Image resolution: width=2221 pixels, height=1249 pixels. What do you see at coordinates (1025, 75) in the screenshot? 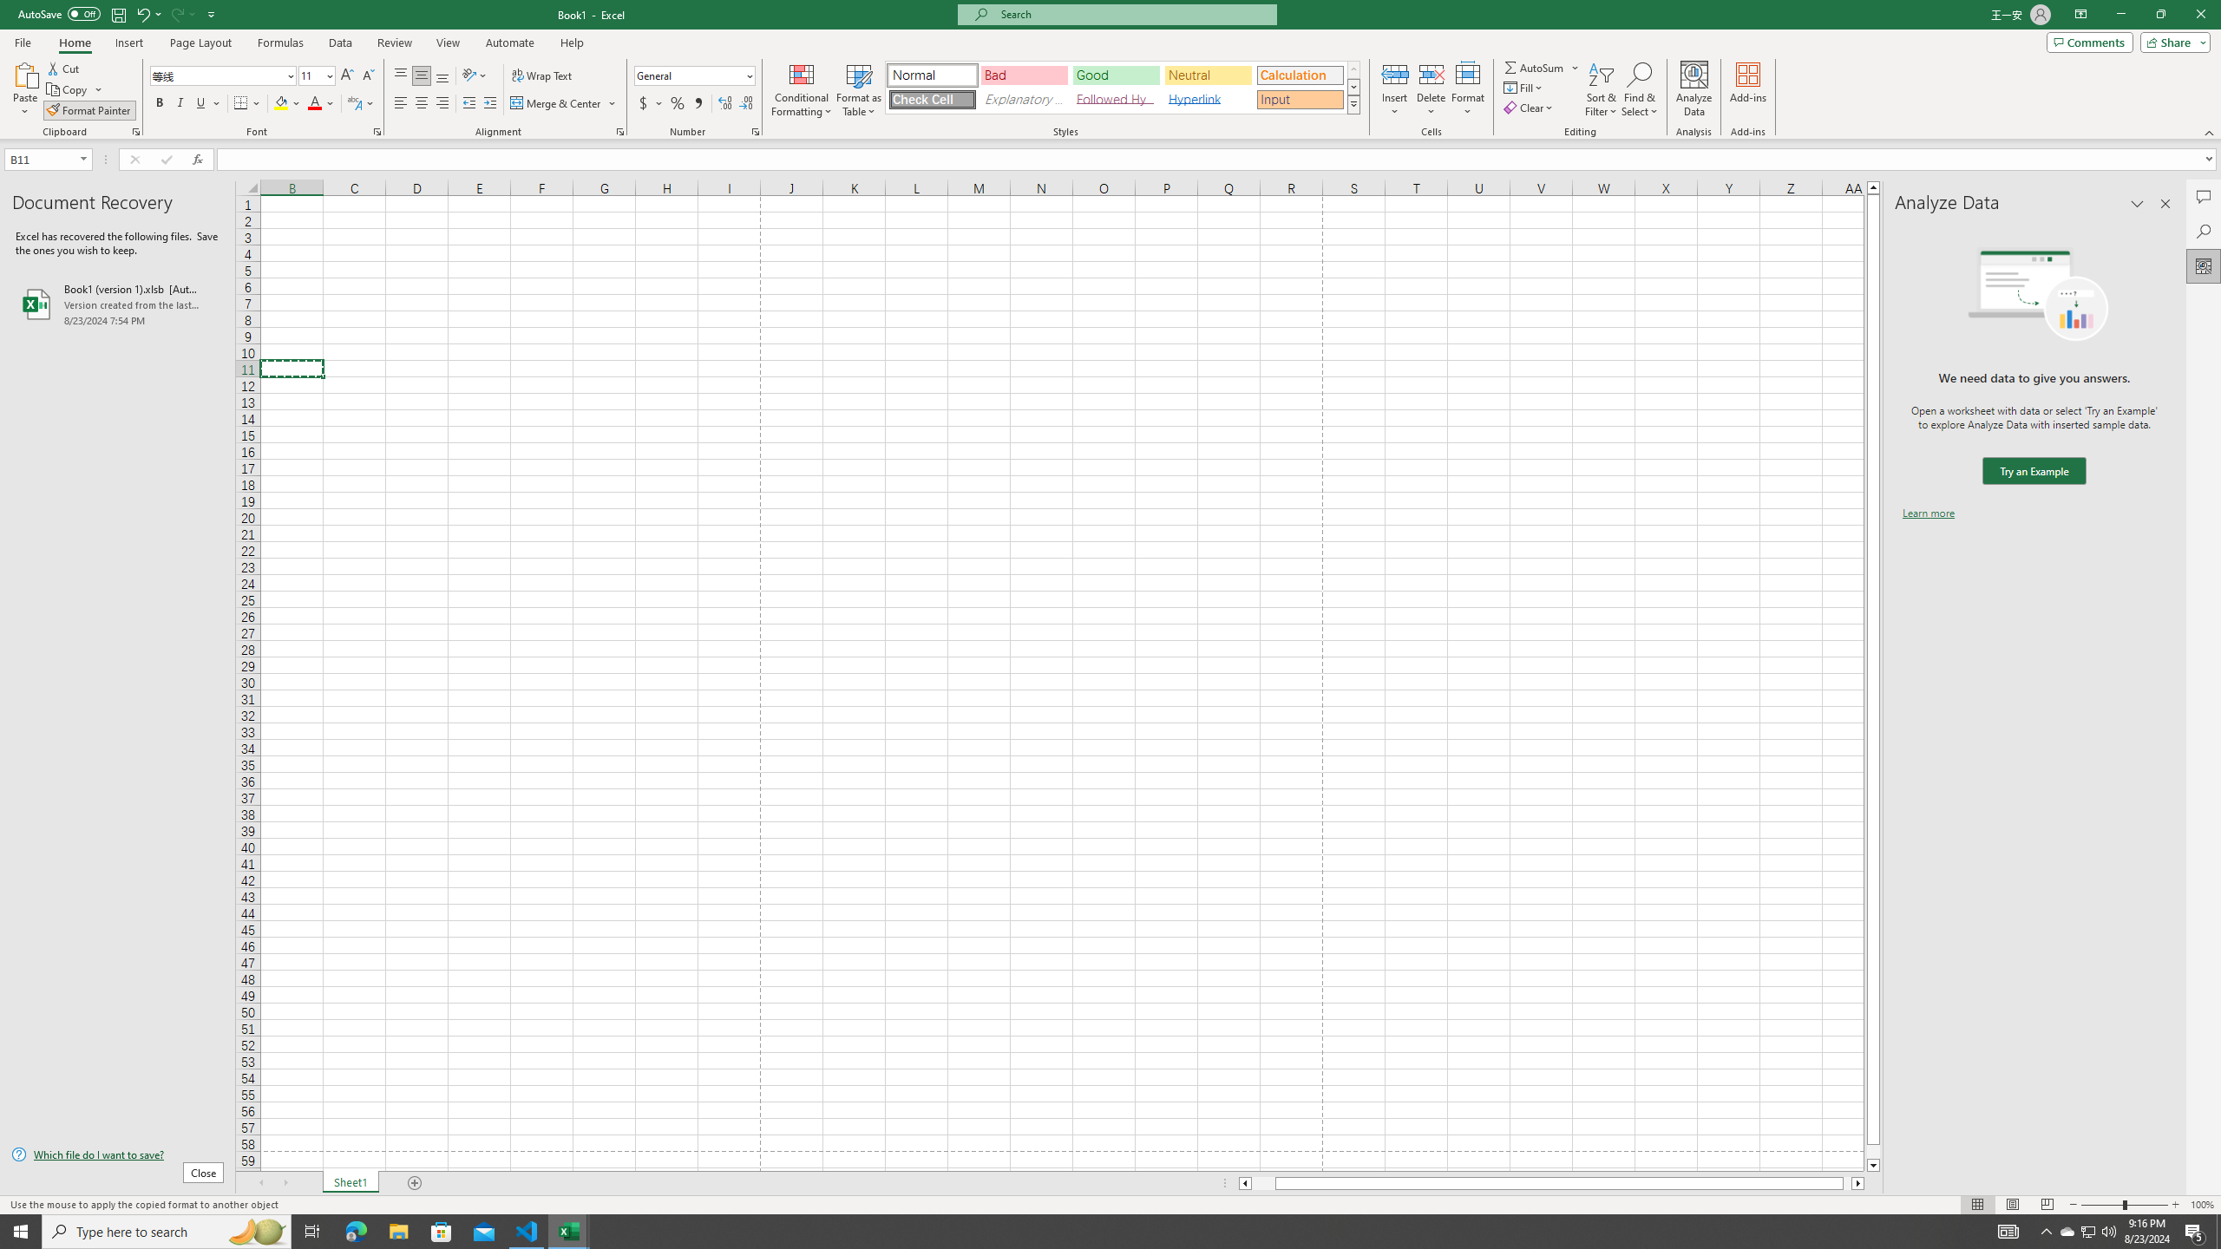
I see `'Bad'` at bounding box center [1025, 75].